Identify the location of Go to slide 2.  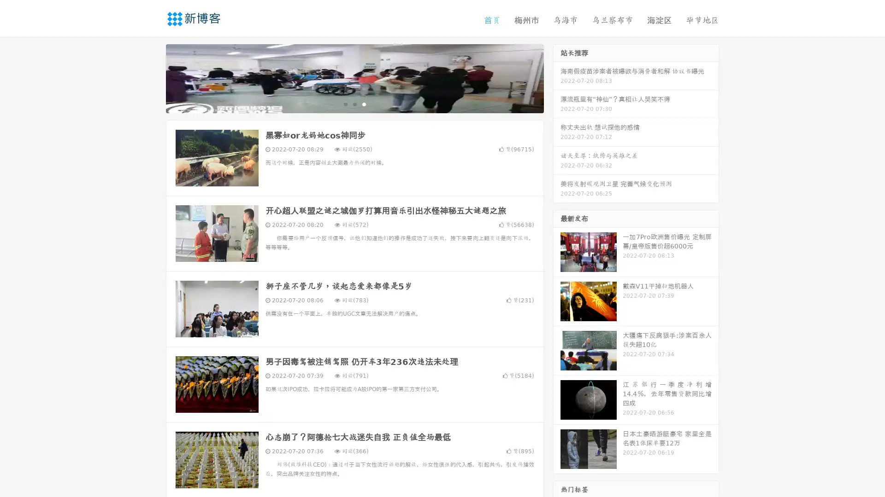
(354, 104).